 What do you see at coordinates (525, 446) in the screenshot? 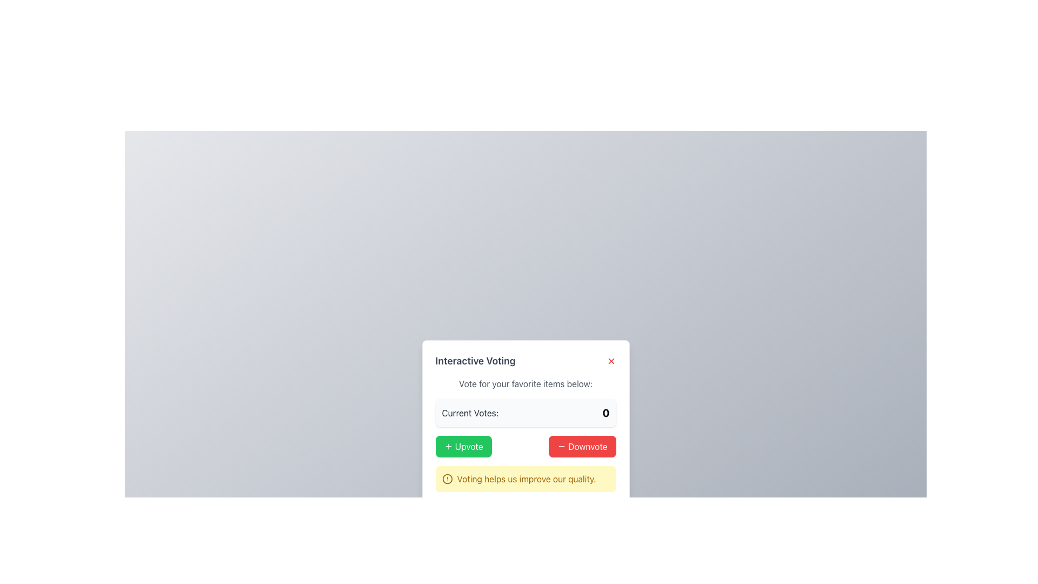
I see `the Button Group located below the 'Current Votes' section` at bounding box center [525, 446].